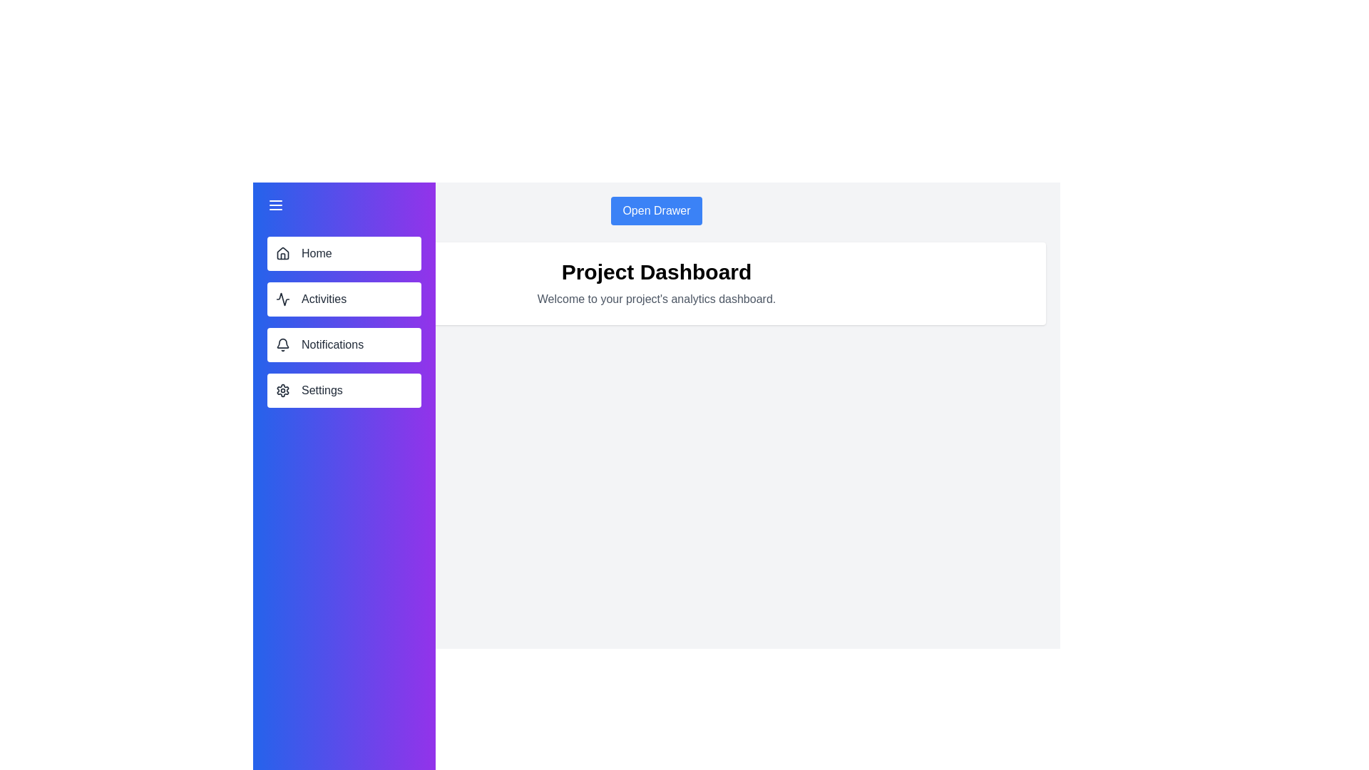 The width and height of the screenshot is (1369, 770). What do you see at coordinates (344, 390) in the screenshot?
I see `the menu item labeled Settings to navigate to the corresponding section` at bounding box center [344, 390].